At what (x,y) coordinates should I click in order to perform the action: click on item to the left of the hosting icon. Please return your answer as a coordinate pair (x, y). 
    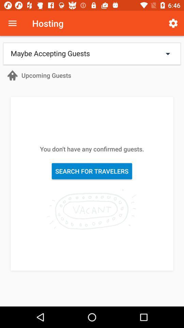
    Looking at the image, I should click on (12, 23).